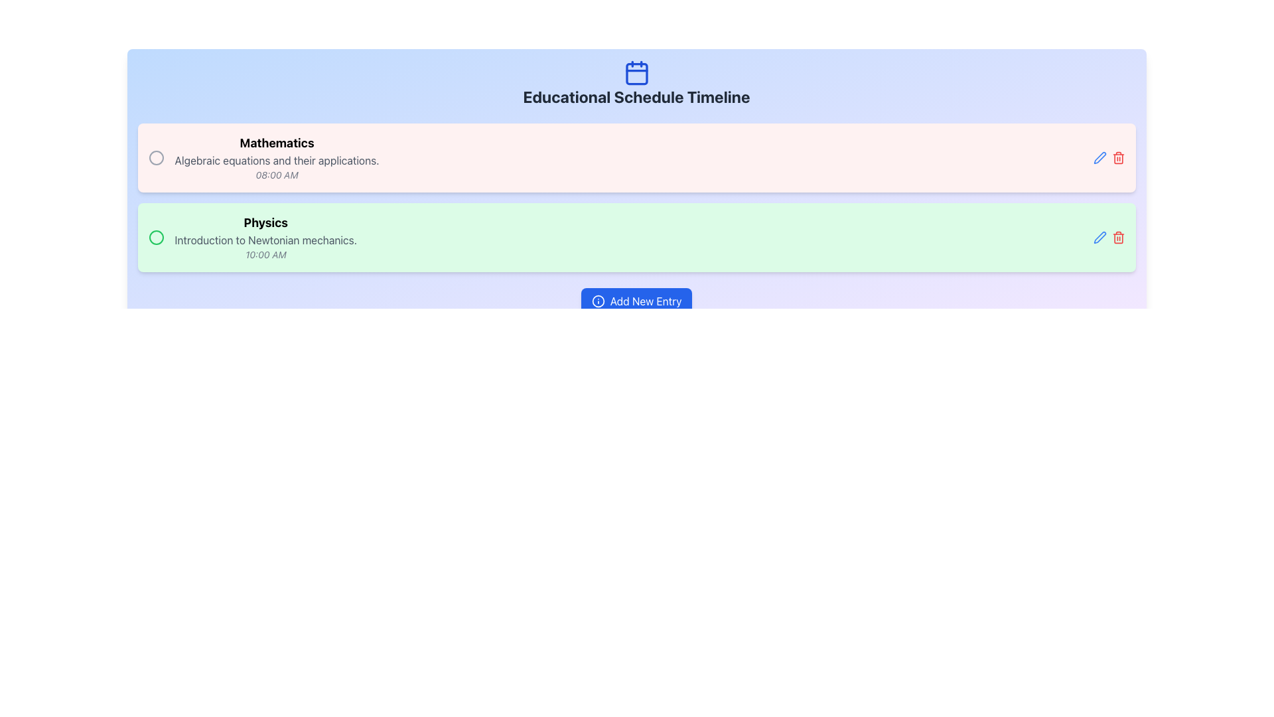  What do you see at coordinates (1117, 157) in the screenshot?
I see `the trash bin icon in the top-right corner of the green card representing the 'Physics' entry in the schedule list` at bounding box center [1117, 157].